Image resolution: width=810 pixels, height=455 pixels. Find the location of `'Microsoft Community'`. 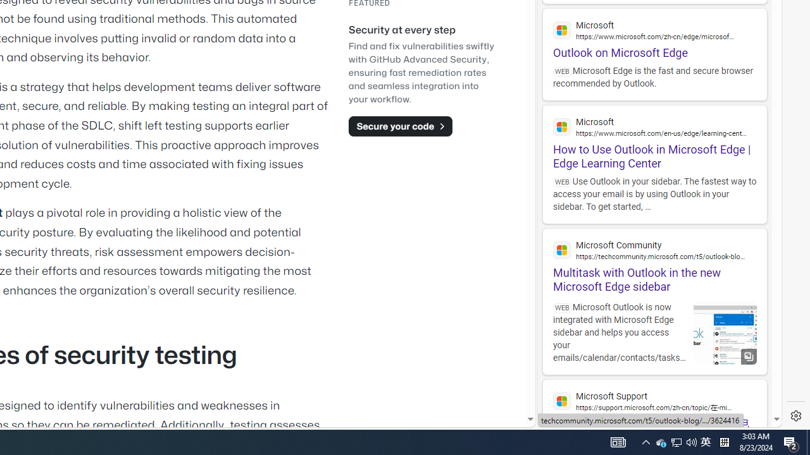

'Microsoft Community' is located at coordinates (654, 250).